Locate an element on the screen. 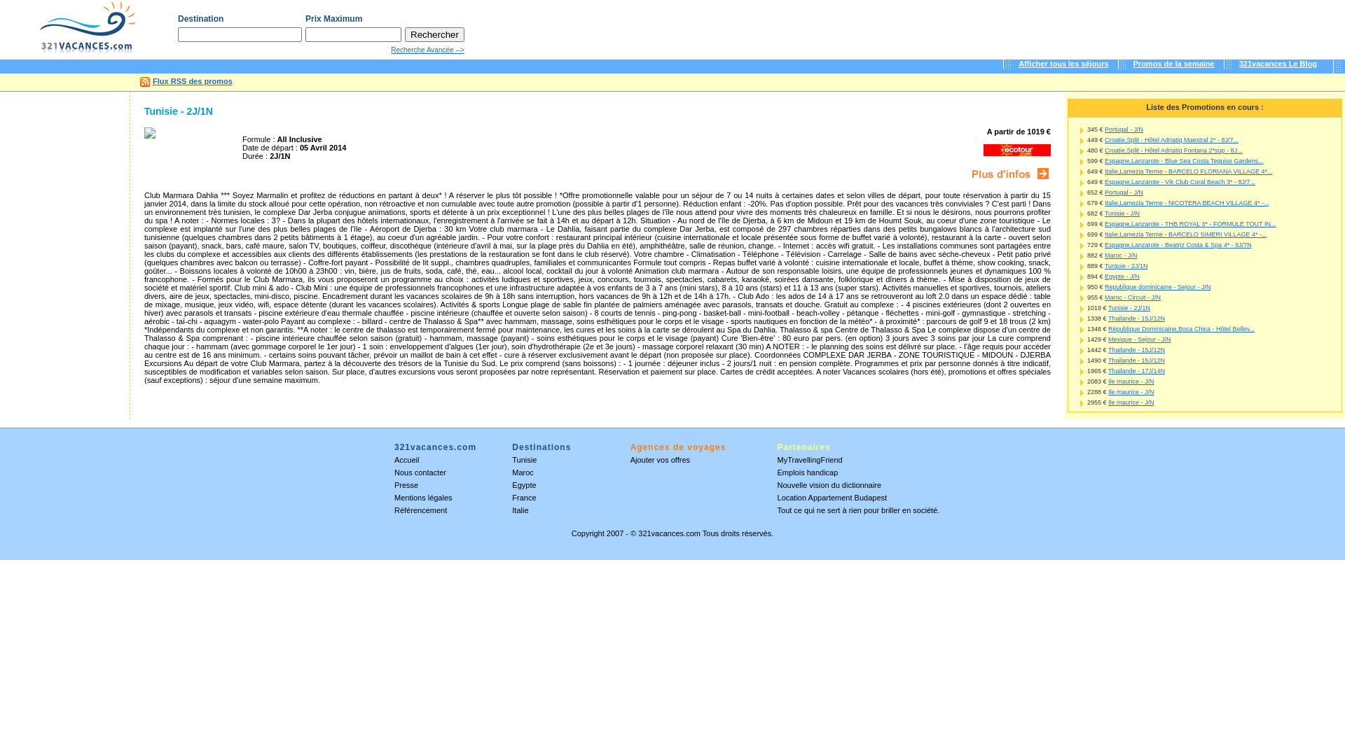  'Maroc - Circuit - J/N' is located at coordinates (1133, 296).